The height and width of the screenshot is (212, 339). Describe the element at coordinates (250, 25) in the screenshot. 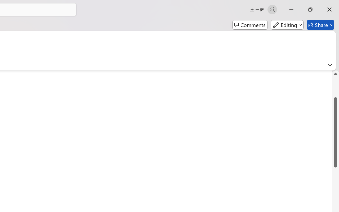

I see `'Comments'` at that location.